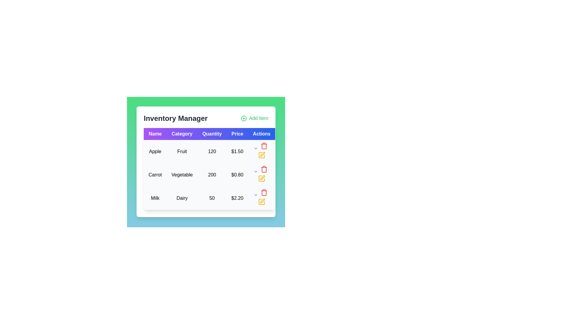 This screenshot has width=575, height=323. I want to click on the 'Add Item' label element, so click(259, 118).